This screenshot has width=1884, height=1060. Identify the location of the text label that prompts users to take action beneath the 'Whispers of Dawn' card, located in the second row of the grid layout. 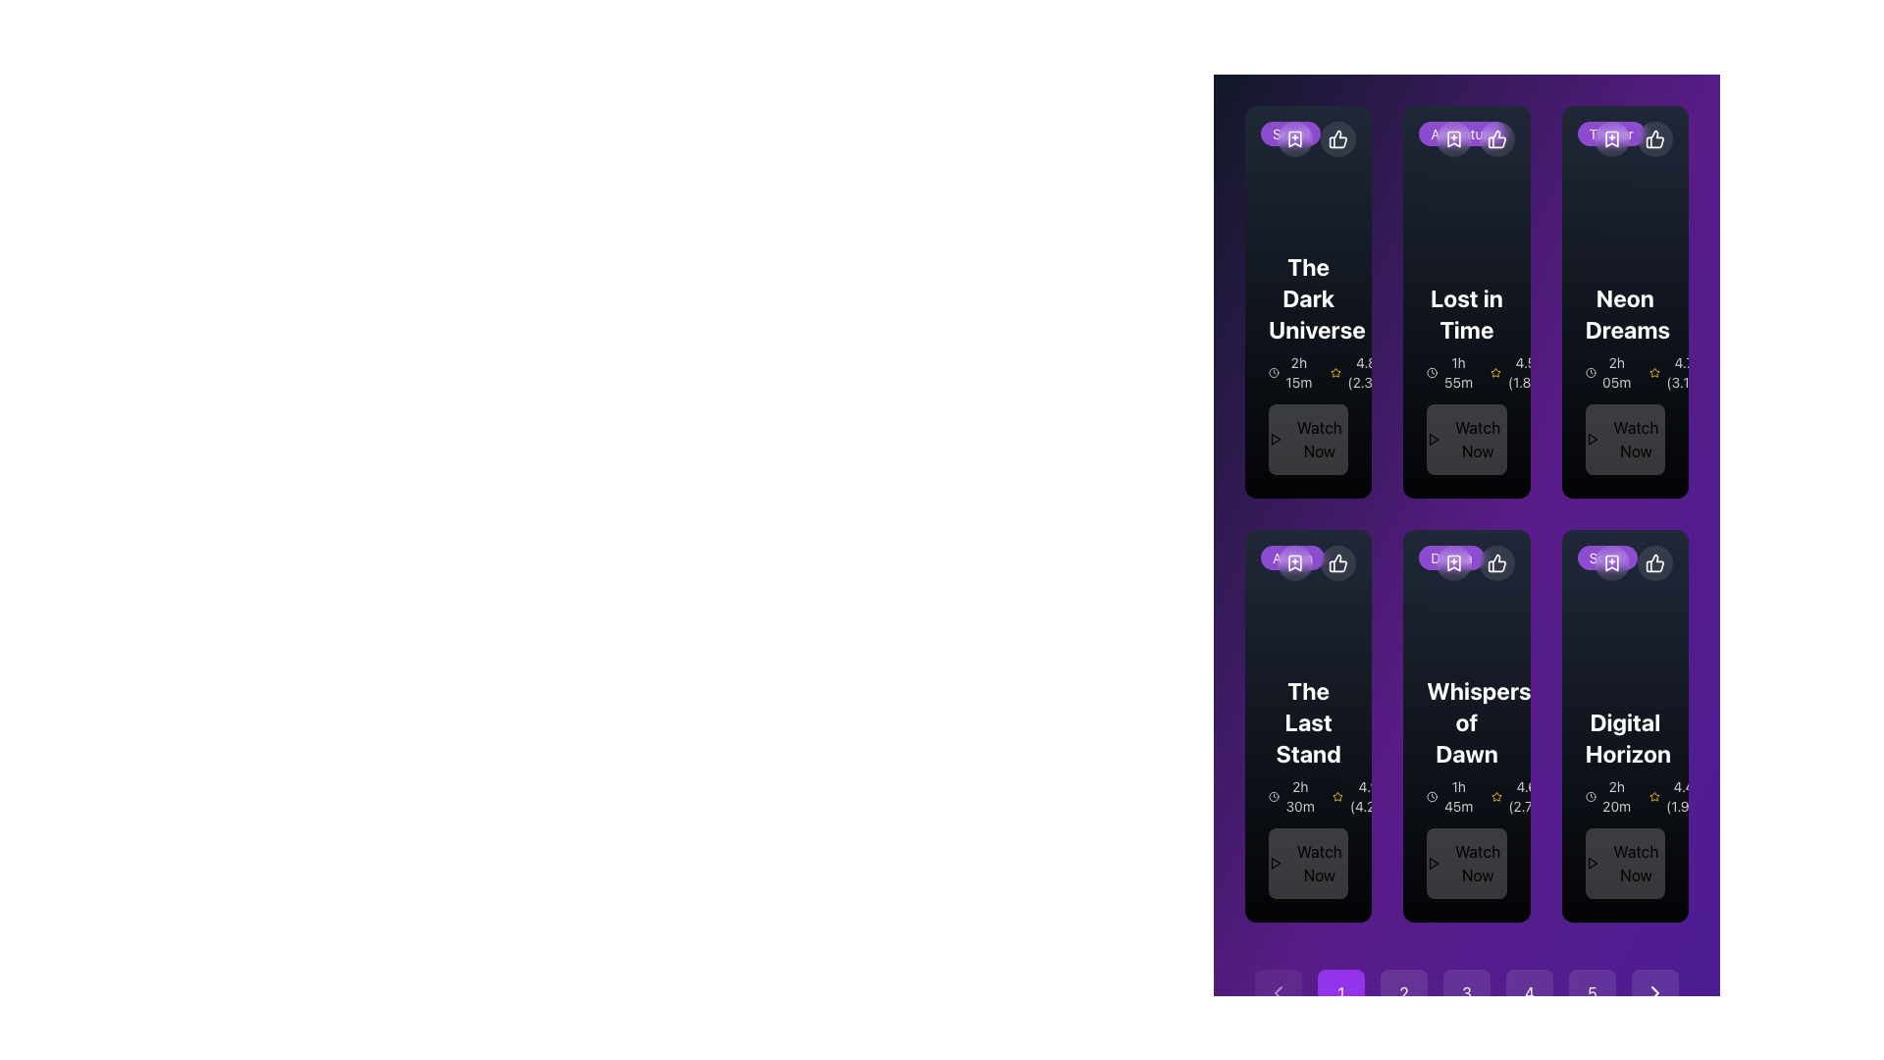
(1478, 862).